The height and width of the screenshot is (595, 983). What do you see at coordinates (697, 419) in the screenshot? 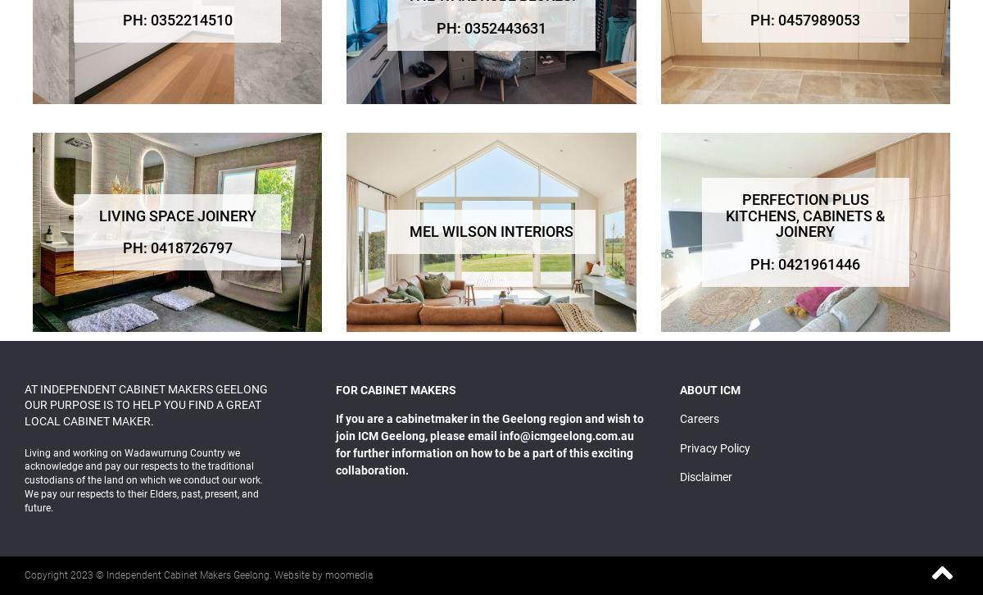
I see `'Careers'` at bounding box center [697, 419].